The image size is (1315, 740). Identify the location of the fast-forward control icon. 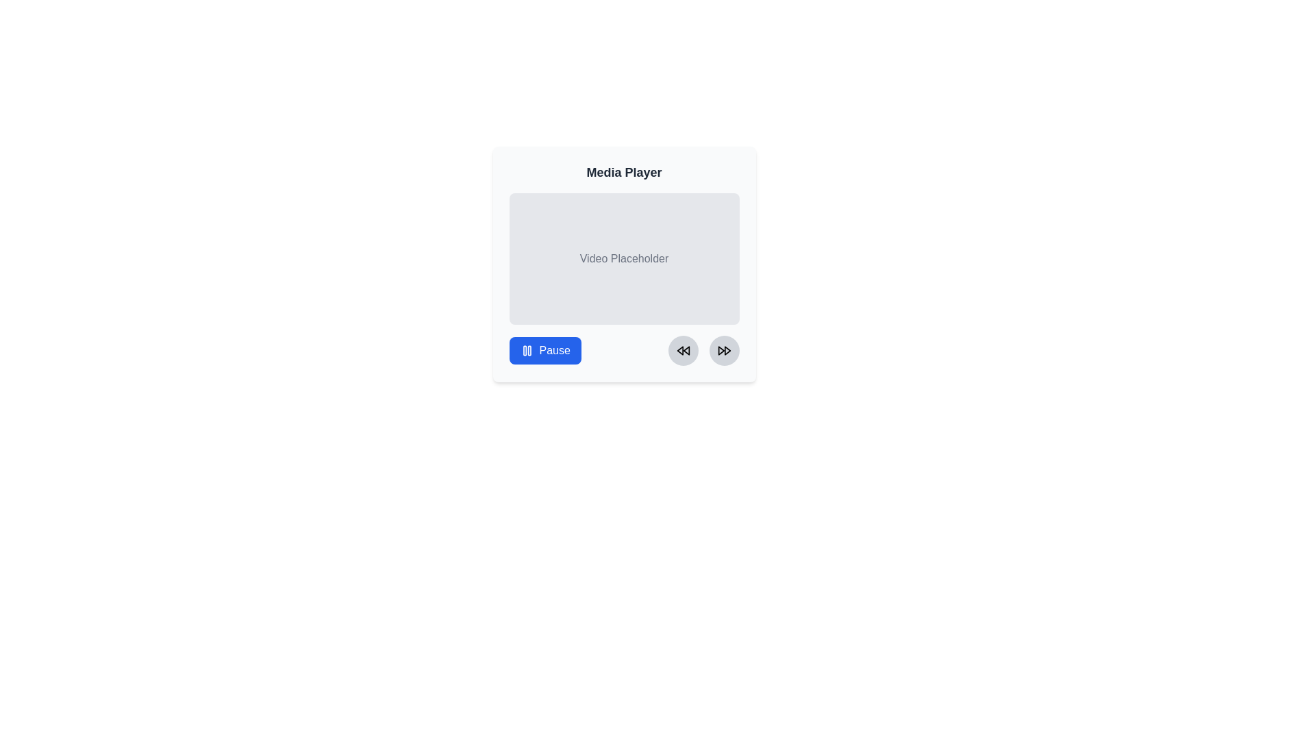
(720, 350).